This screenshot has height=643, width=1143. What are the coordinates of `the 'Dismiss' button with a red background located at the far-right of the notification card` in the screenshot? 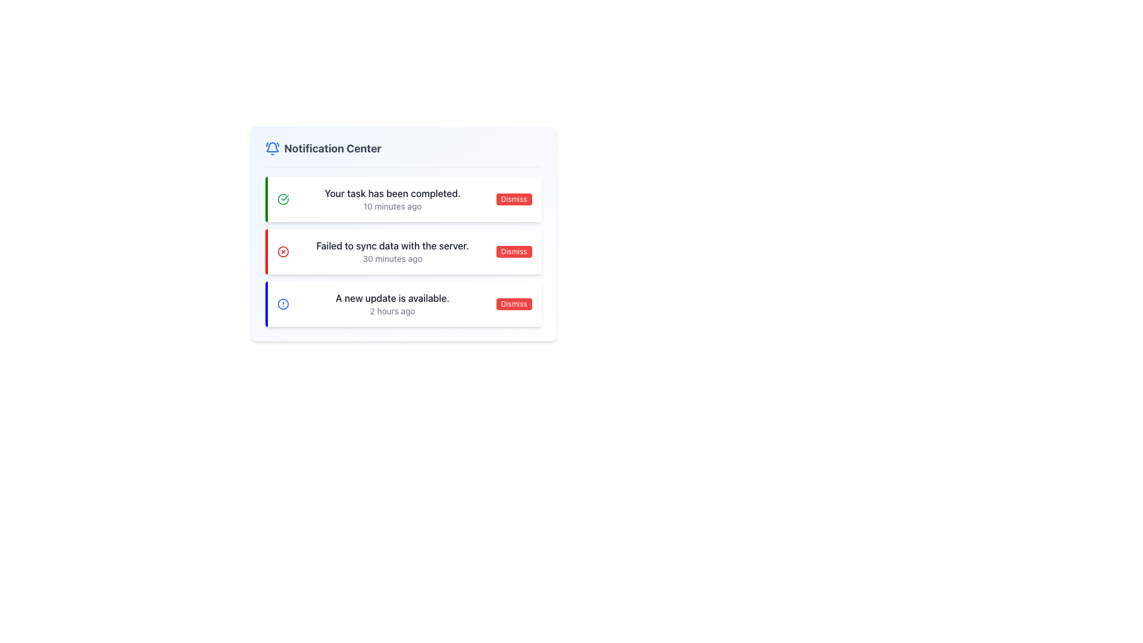 It's located at (514, 303).